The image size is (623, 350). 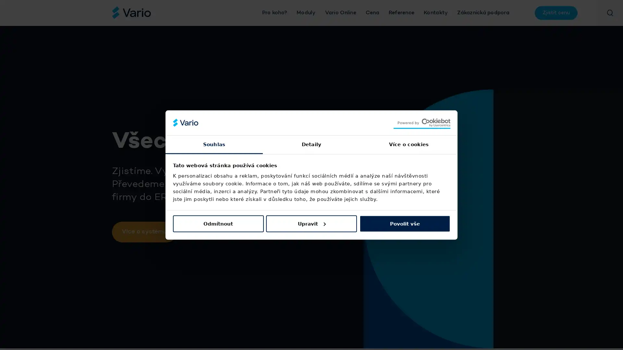 What do you see at coordinates (311, 223) in the screenshot?
I see `Upravit` at bounding box center [311, 223].